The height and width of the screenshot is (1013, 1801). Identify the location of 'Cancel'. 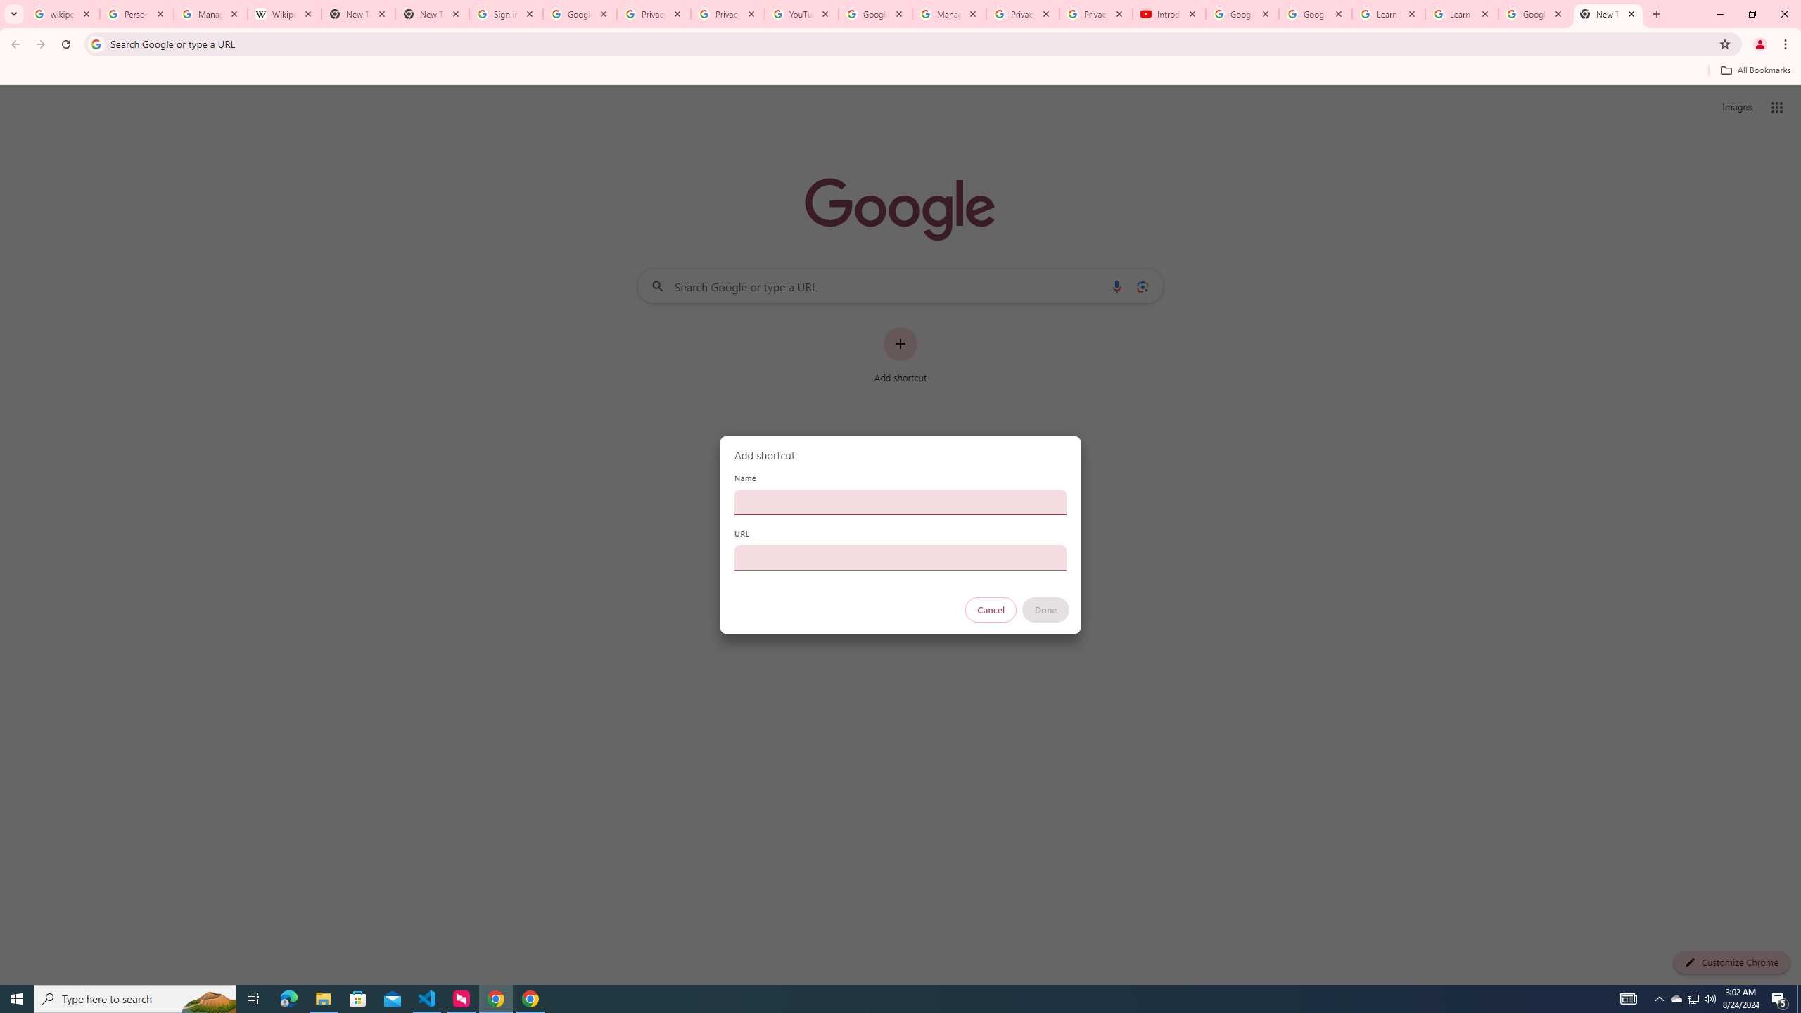
(991, 609).